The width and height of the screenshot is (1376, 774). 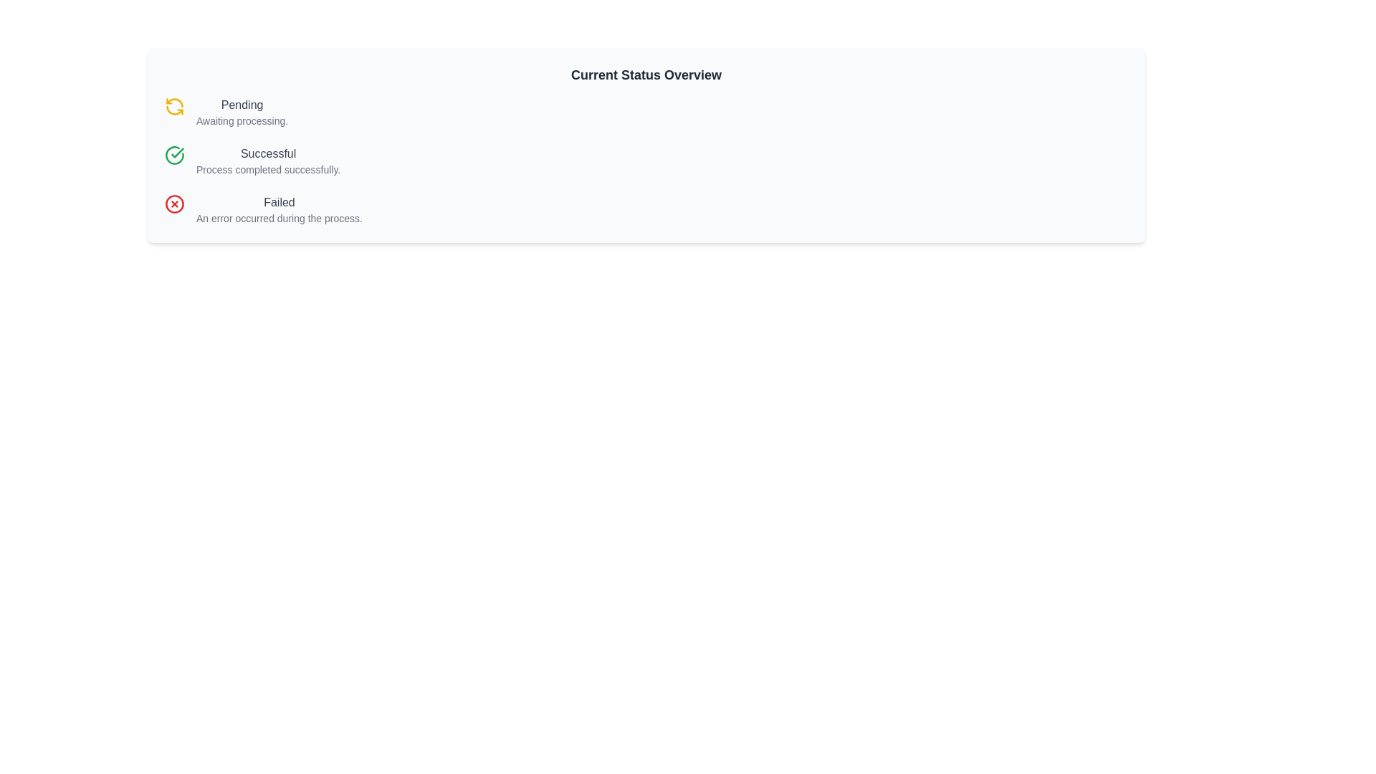 What do you see at coordinates (242, 104) in the screenshot?
I see `the status label indicating the current processing state located in the top-left section of the main content area, above the text block stating 'Awaiting processing'` at bounding box center [242, 104].